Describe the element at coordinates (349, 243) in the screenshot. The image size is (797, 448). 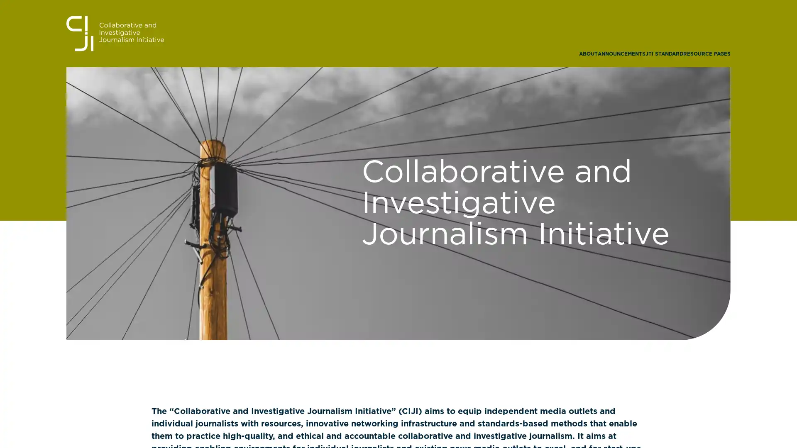
I see `more` at that location.